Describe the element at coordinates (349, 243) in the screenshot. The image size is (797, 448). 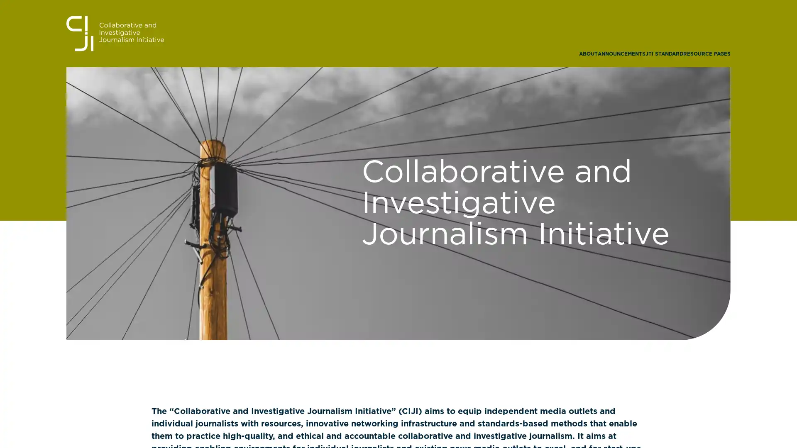
I see `more` at that location.